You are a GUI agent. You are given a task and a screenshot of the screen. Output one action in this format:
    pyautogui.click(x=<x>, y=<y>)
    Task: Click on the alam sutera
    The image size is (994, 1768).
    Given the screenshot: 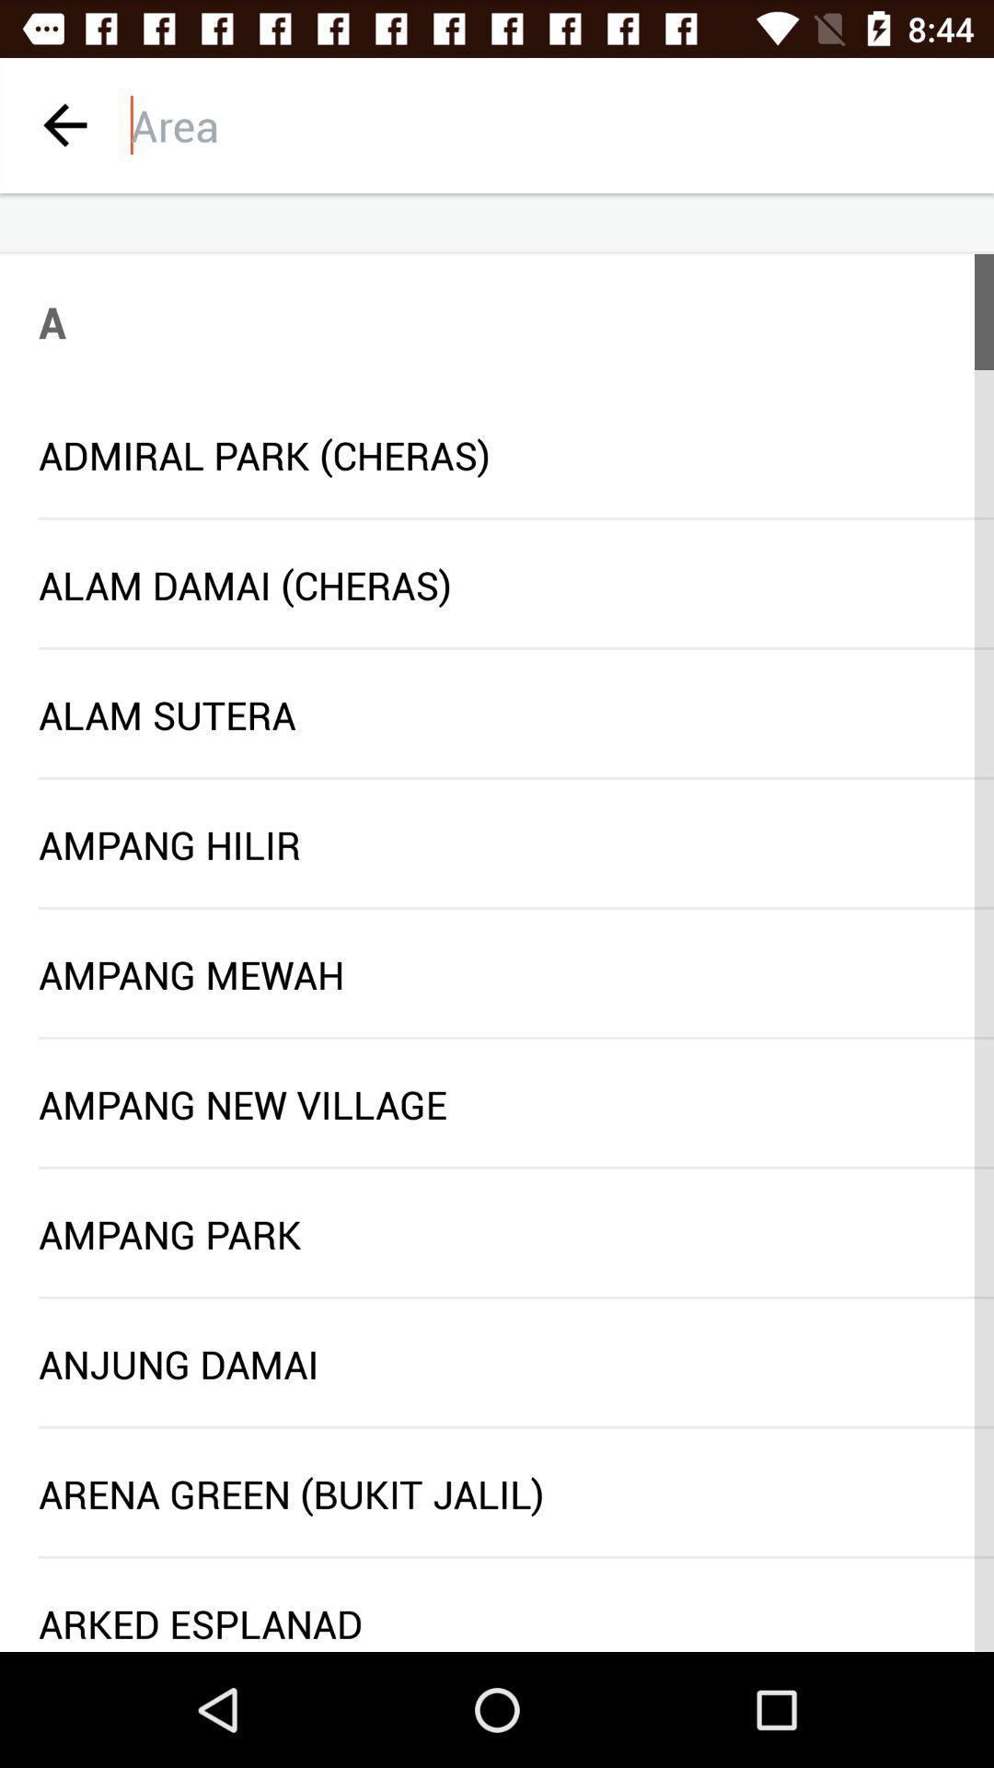 What is the action you would take?
    pyautogui.click(x=497, y=714)
    